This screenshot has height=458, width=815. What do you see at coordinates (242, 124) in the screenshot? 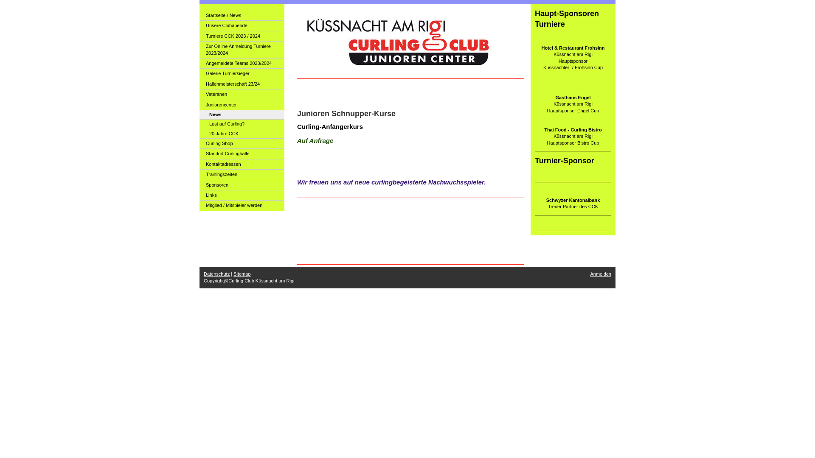
I see `'Lust auf Curling?'` at bounding box center [242, 124].